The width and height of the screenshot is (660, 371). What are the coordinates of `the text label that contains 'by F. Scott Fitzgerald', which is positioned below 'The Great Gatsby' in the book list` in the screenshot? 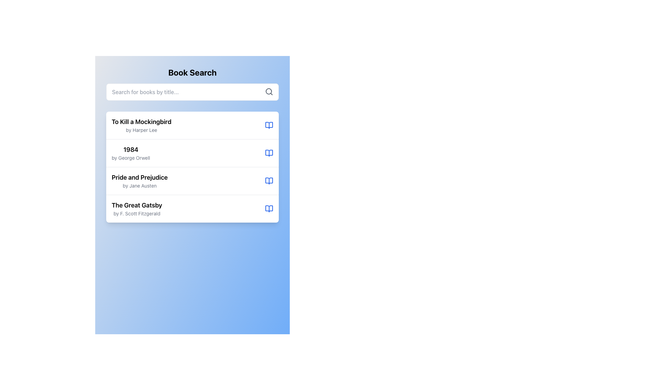 It's located at (137, 213).